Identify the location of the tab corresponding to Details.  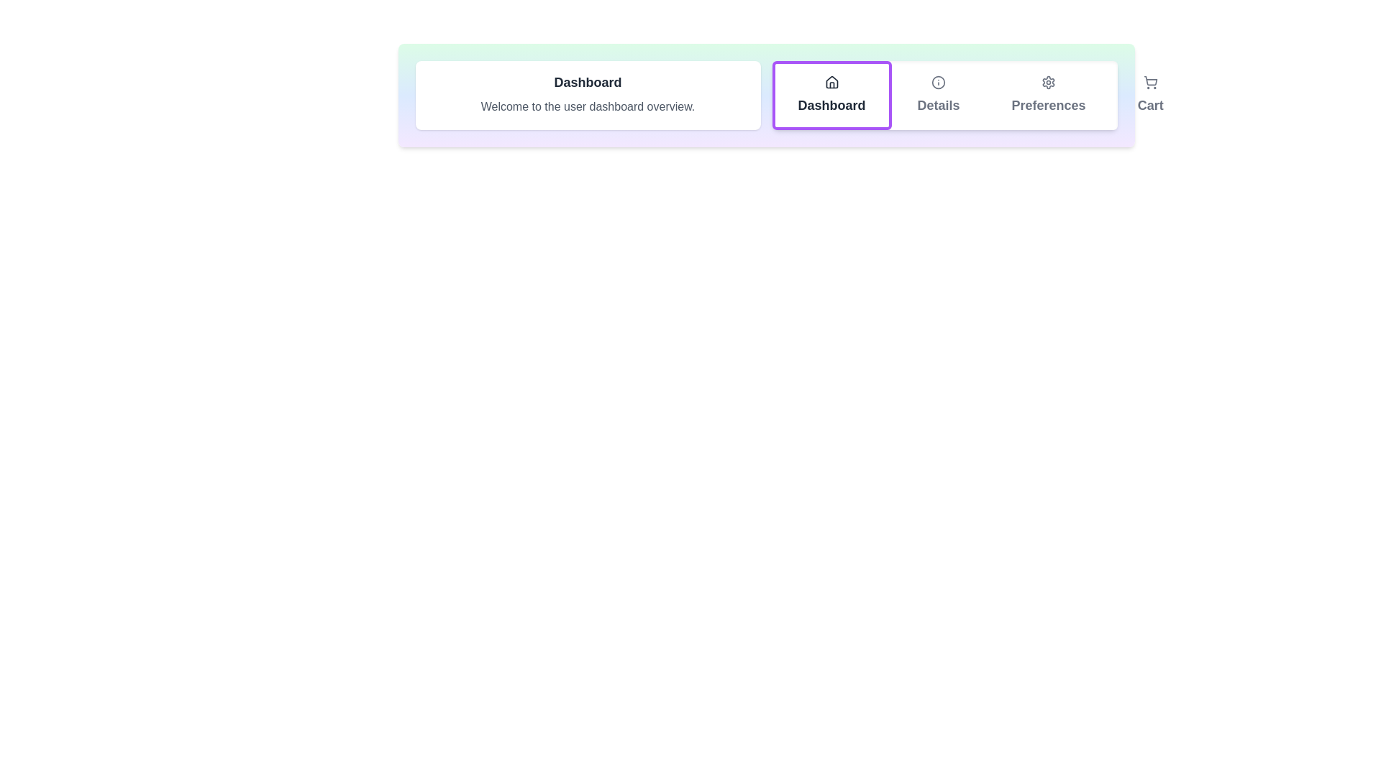
(939, 95).